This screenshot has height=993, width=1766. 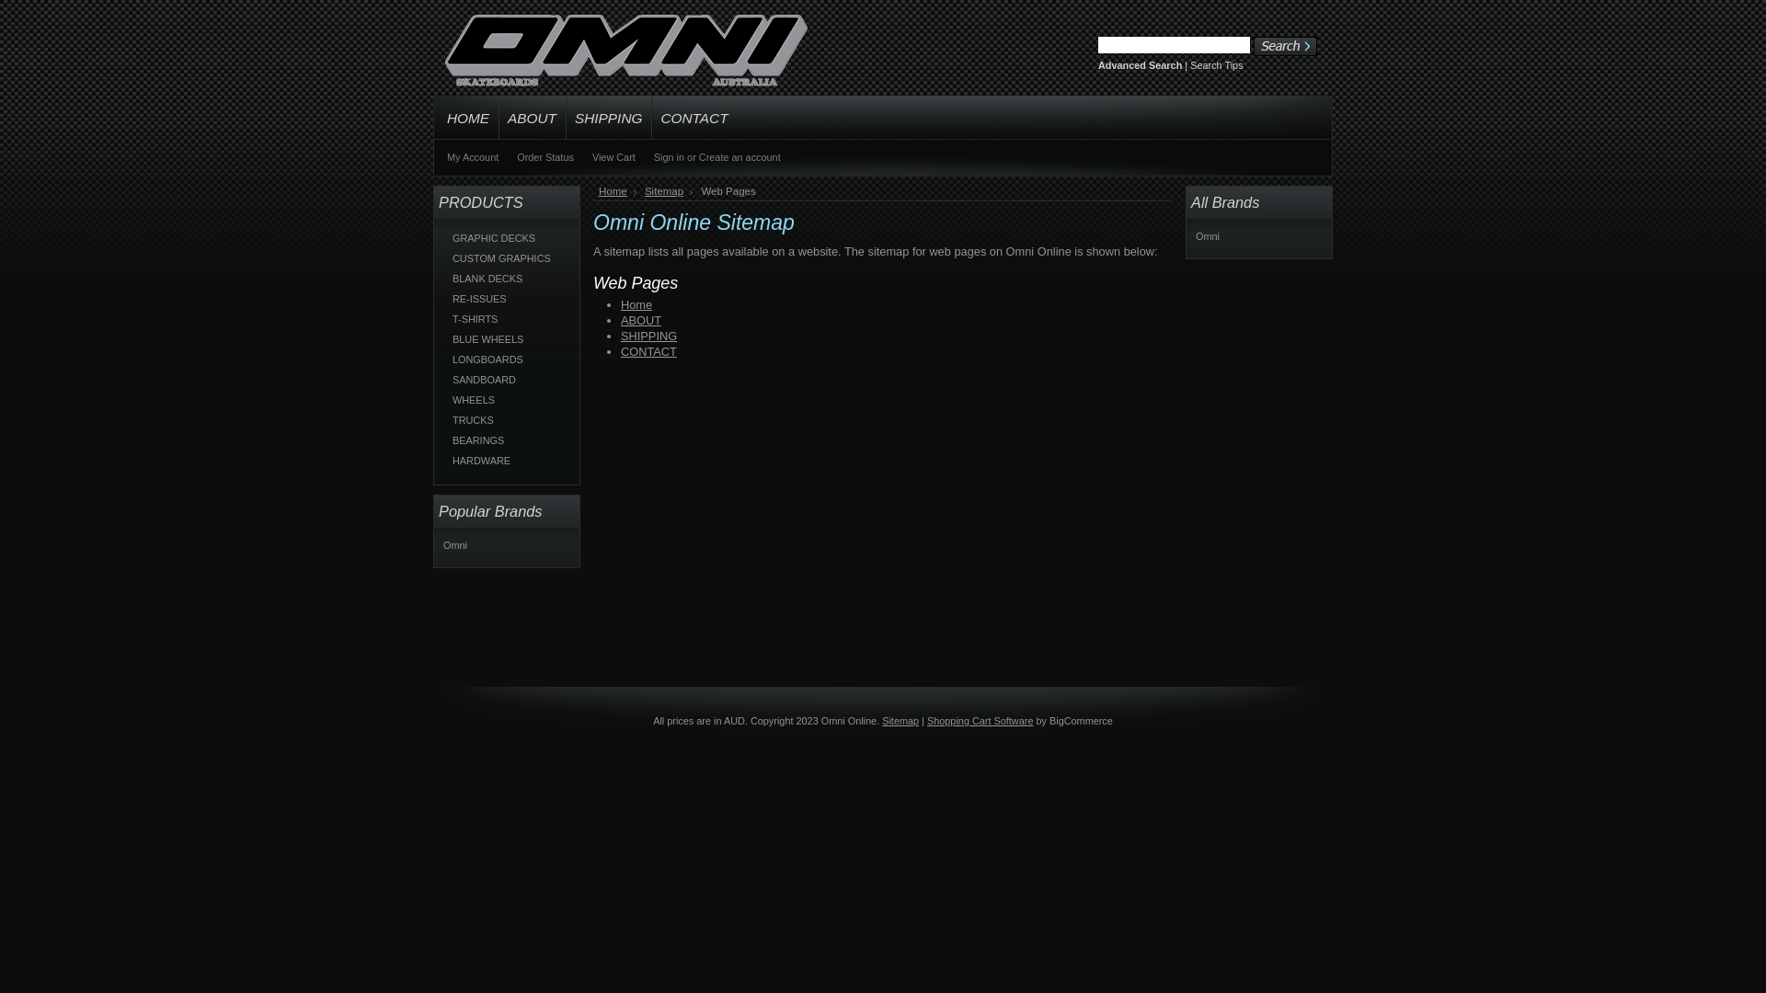 What do you see at coordinates (697, 155) in the screenshot?
I see `'Create an account'` at bounding box center [697, 155].